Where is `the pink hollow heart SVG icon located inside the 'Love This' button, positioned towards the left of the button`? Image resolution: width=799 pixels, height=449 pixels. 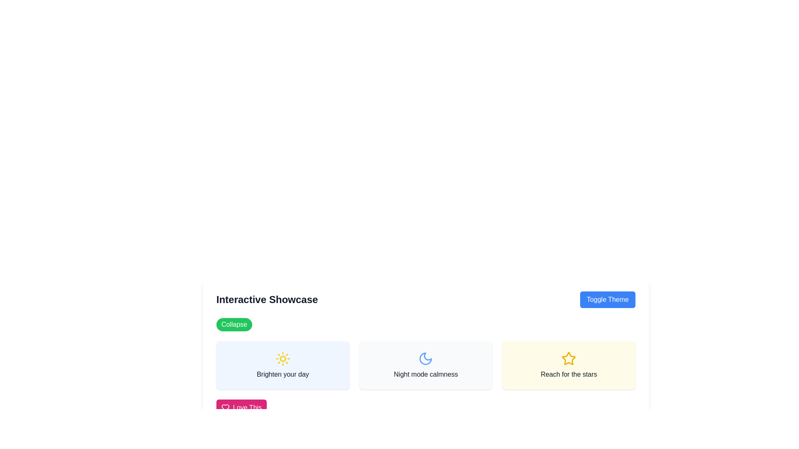
the pink hollow heart SVG icon located inside the 'Love This' button, positioned towards the left of the button is located at coordinates (226, 407).